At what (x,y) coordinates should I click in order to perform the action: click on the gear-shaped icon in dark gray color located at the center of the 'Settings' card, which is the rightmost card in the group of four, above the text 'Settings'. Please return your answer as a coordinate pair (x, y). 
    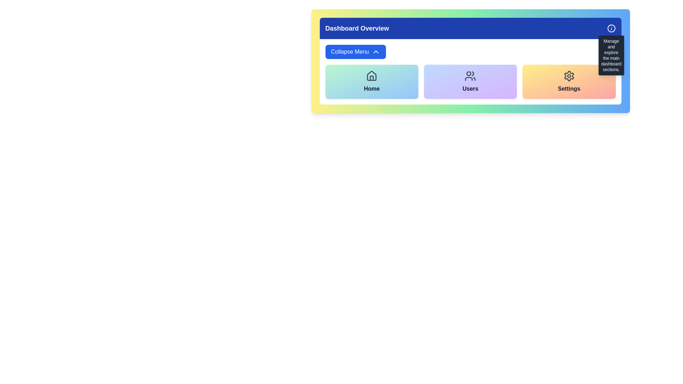
    Looking at the image, I should click on (568, 76).